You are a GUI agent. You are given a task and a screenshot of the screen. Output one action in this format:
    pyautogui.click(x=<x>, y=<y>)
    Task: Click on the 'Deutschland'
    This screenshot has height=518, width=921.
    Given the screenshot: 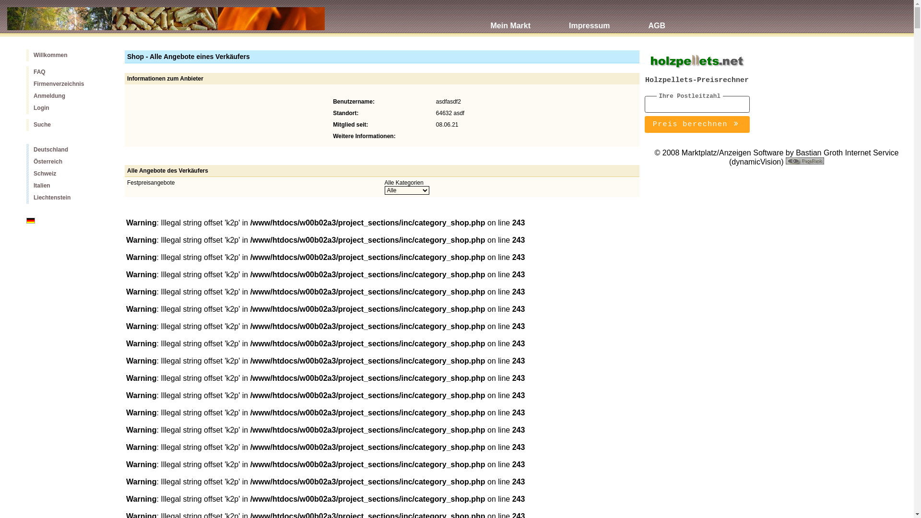 What is the action you would take?
    pyautogui.click(x=26, y=150)
    